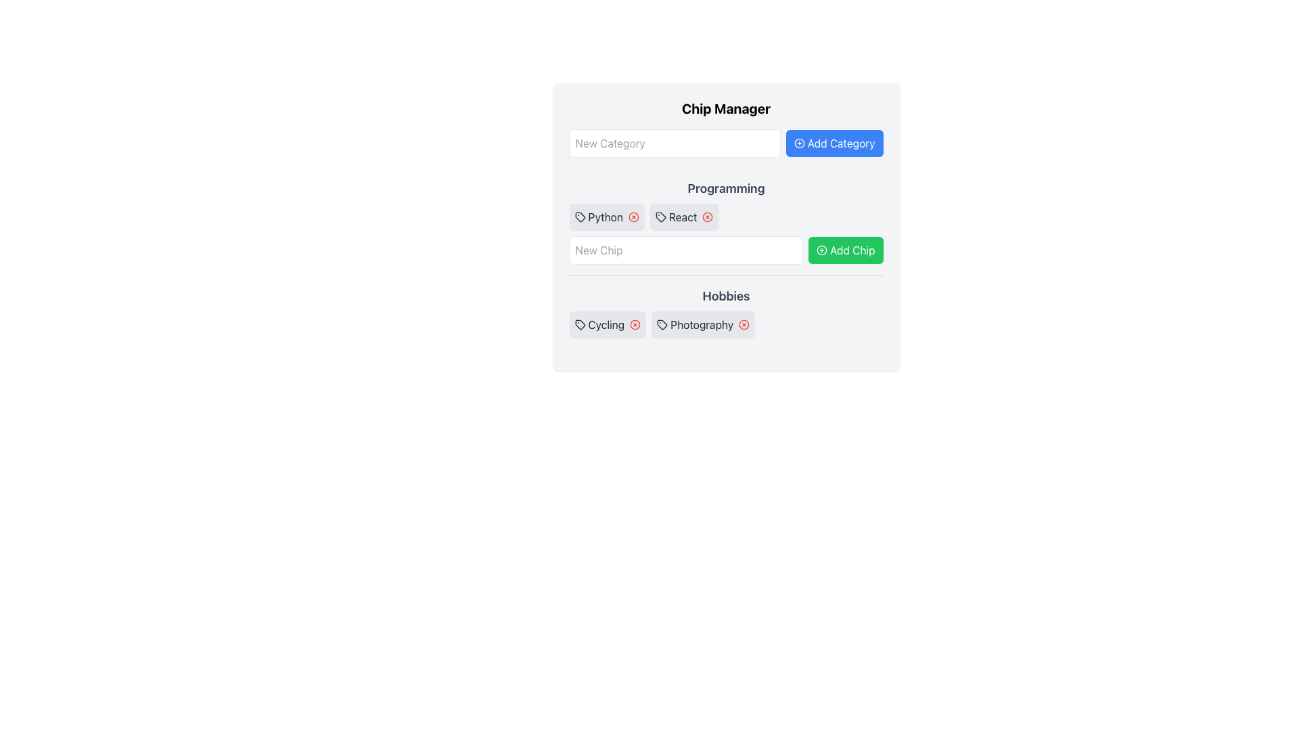 This screenshot has height=731, width=1299. What do you see at coordinates (633, 216) in the screenshot?
I see `the small circular close/delete icon located to the right of the 'Python' label in the 'Programming' section` at bounding box center [633, 216].